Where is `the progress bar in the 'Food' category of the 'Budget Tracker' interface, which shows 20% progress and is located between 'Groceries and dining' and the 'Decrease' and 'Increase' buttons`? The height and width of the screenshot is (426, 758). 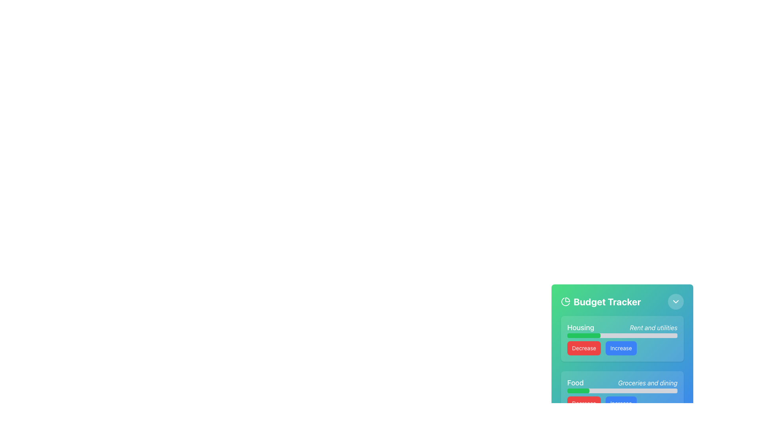 the progress bar in the 'Food' category of the 'Budget Tracker' interface, which shows 20% progress and is located between 'Groceries and dining' and the 'Decrease' and 'Increase' buttons is located at coordinates (622, 391).